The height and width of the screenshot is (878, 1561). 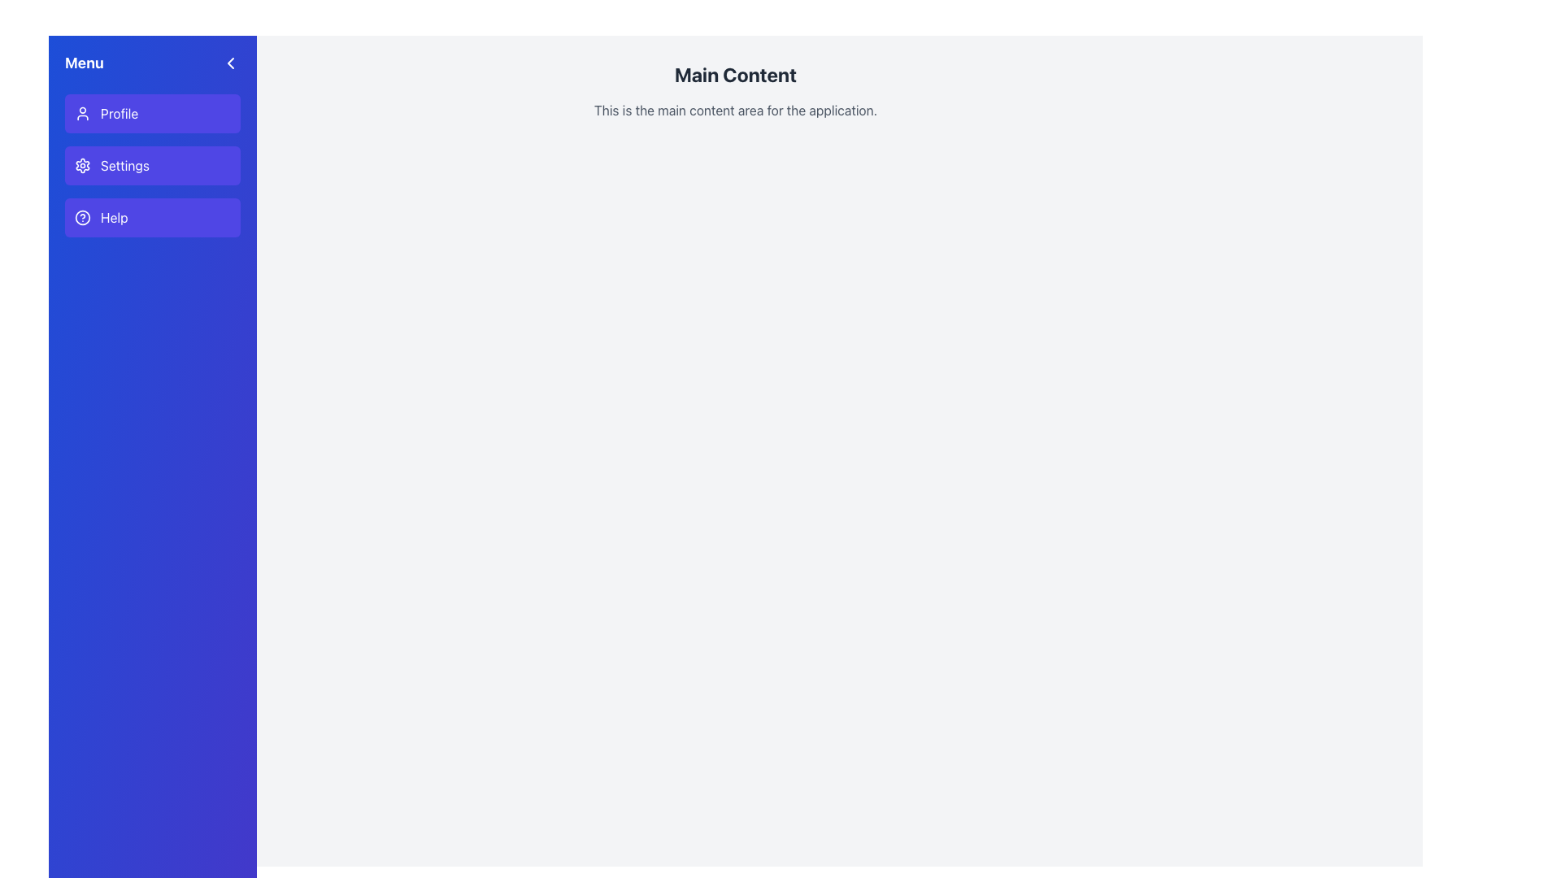 What do you see at coordinates (229, 62) in the screenshot?
I see `the left-pointing chevron icon in the sidebar at the top-right corner of the blue 'Menu' section` at bounding box center [229, 62].